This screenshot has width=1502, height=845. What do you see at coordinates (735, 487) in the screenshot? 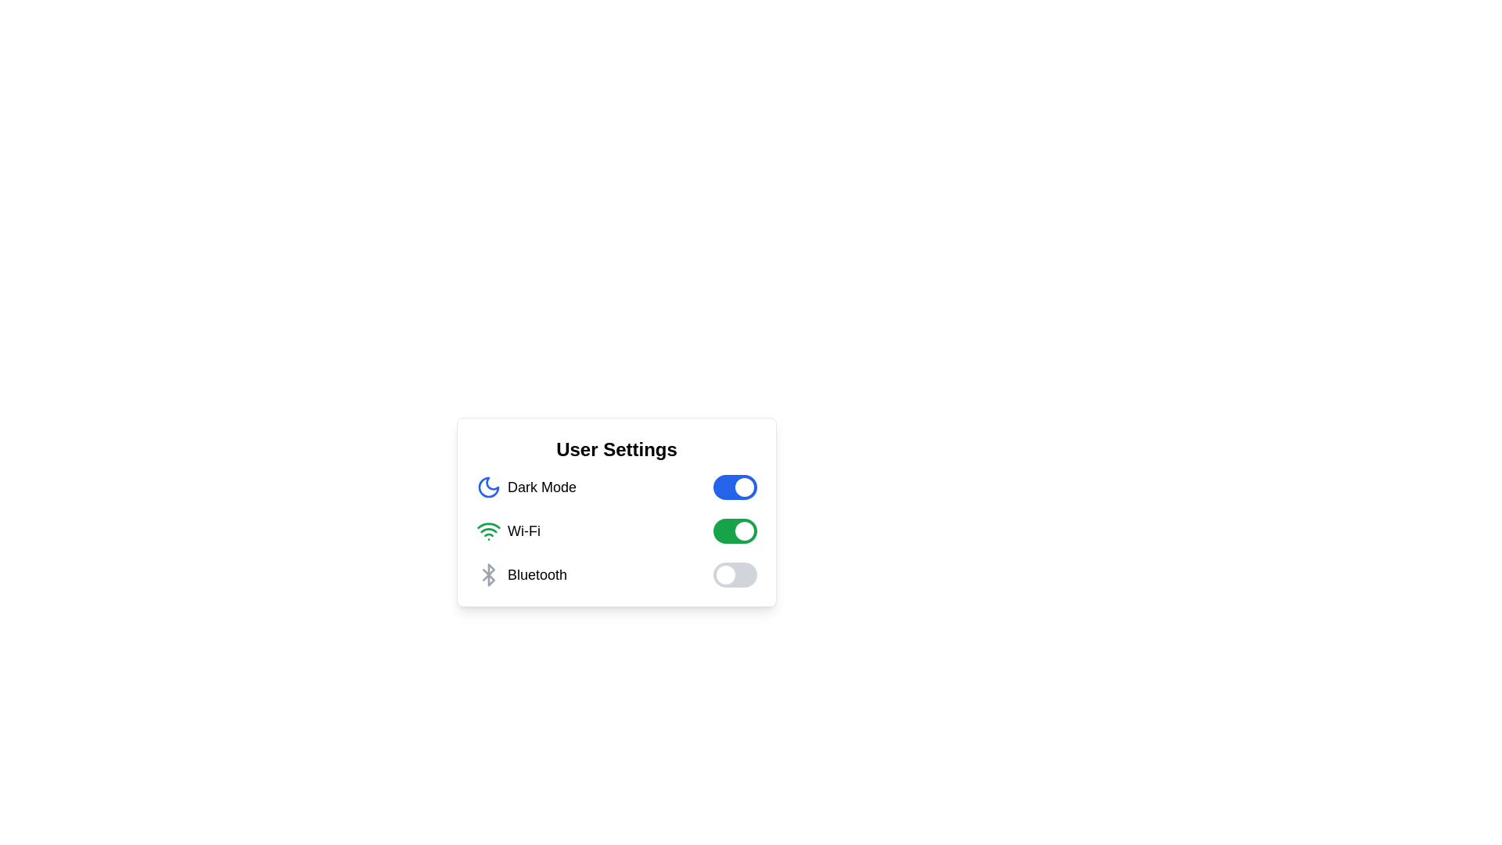
I see `the circular white toggle handle of the Dark Mode toggle switch` at bounding box center [735, 487].